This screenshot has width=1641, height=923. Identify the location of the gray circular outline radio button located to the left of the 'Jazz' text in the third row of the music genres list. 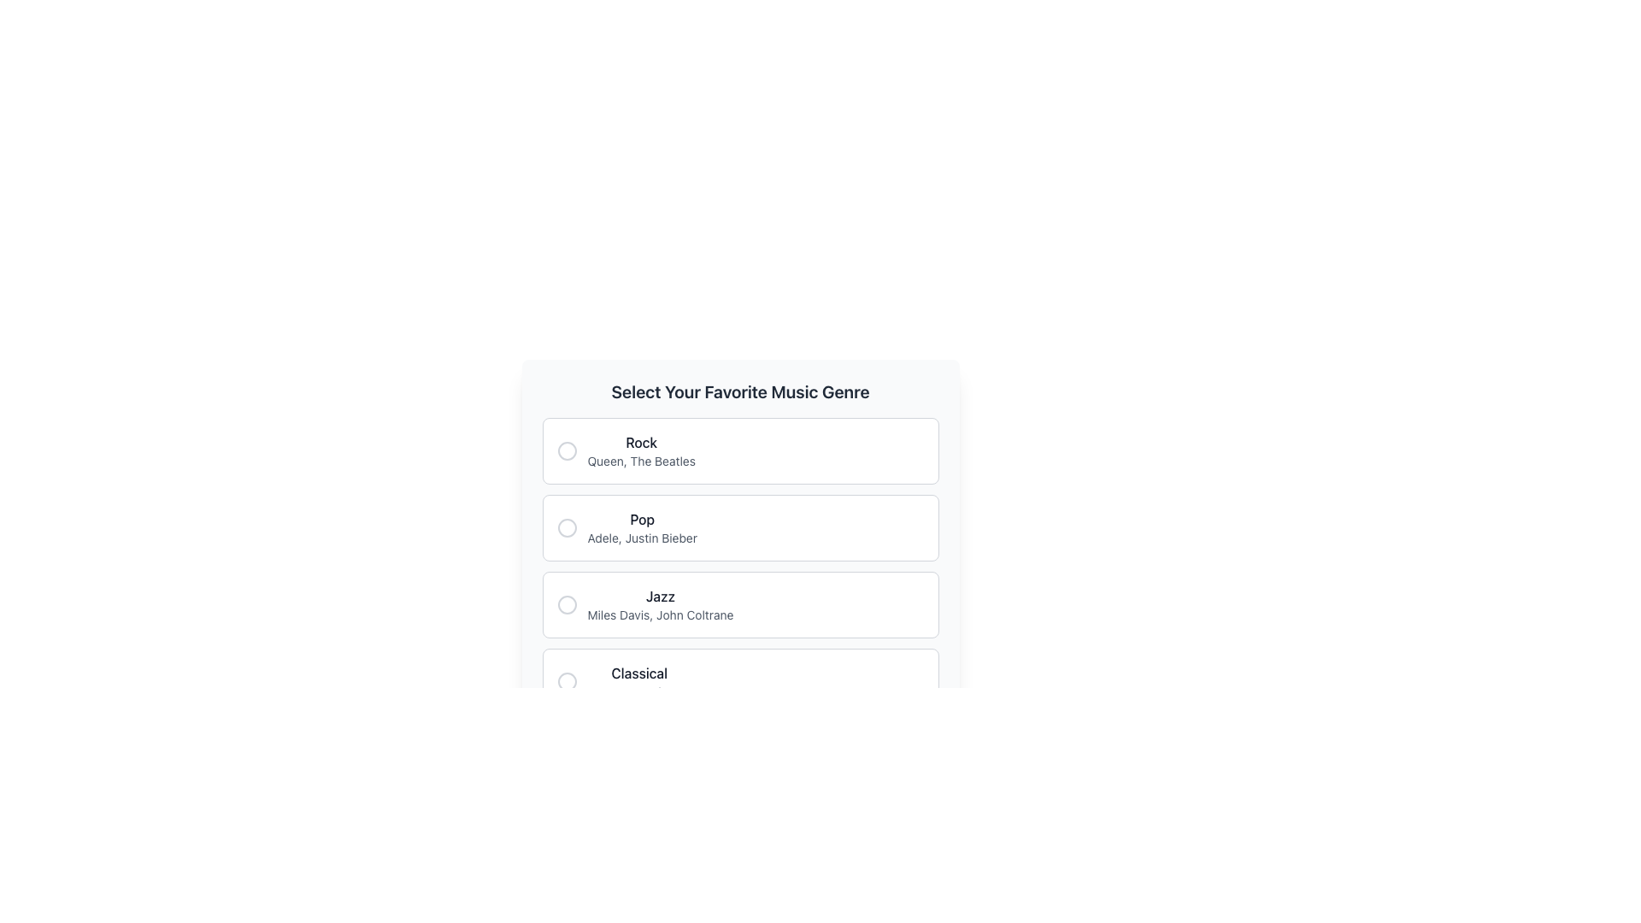
(567, 604).